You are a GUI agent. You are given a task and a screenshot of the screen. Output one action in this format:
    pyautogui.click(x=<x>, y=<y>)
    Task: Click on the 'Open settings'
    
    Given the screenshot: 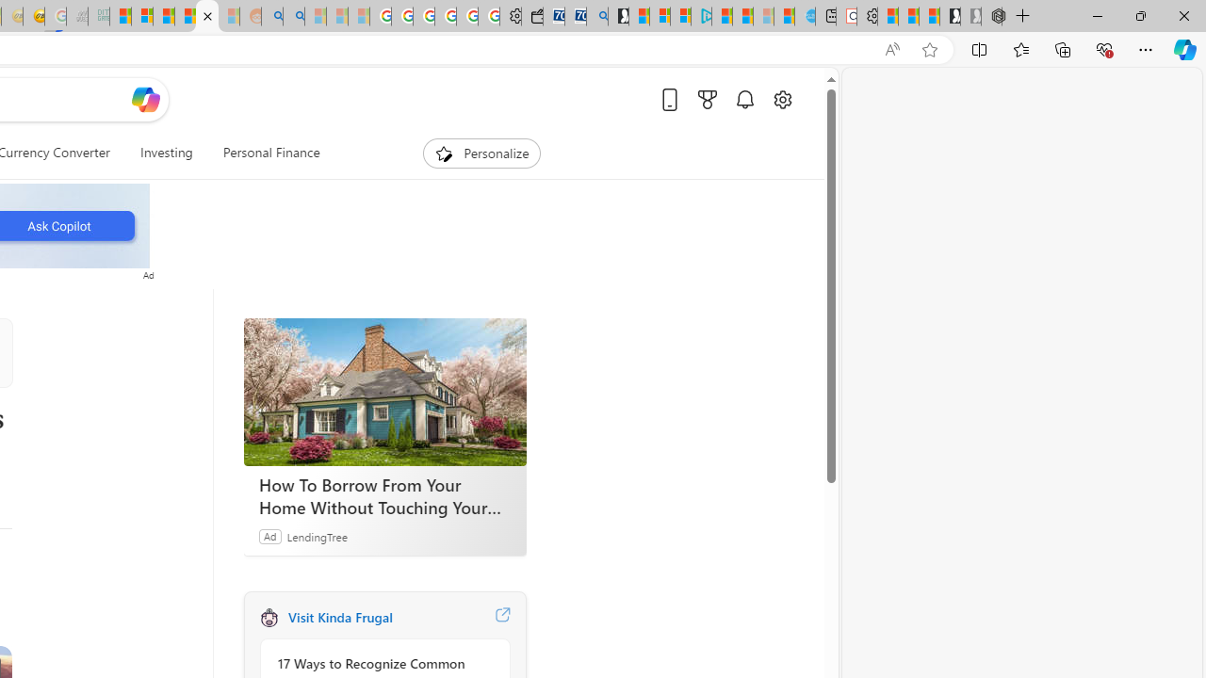 What is the action you would take?
    pyautogui.click(x=782, y=99)
    